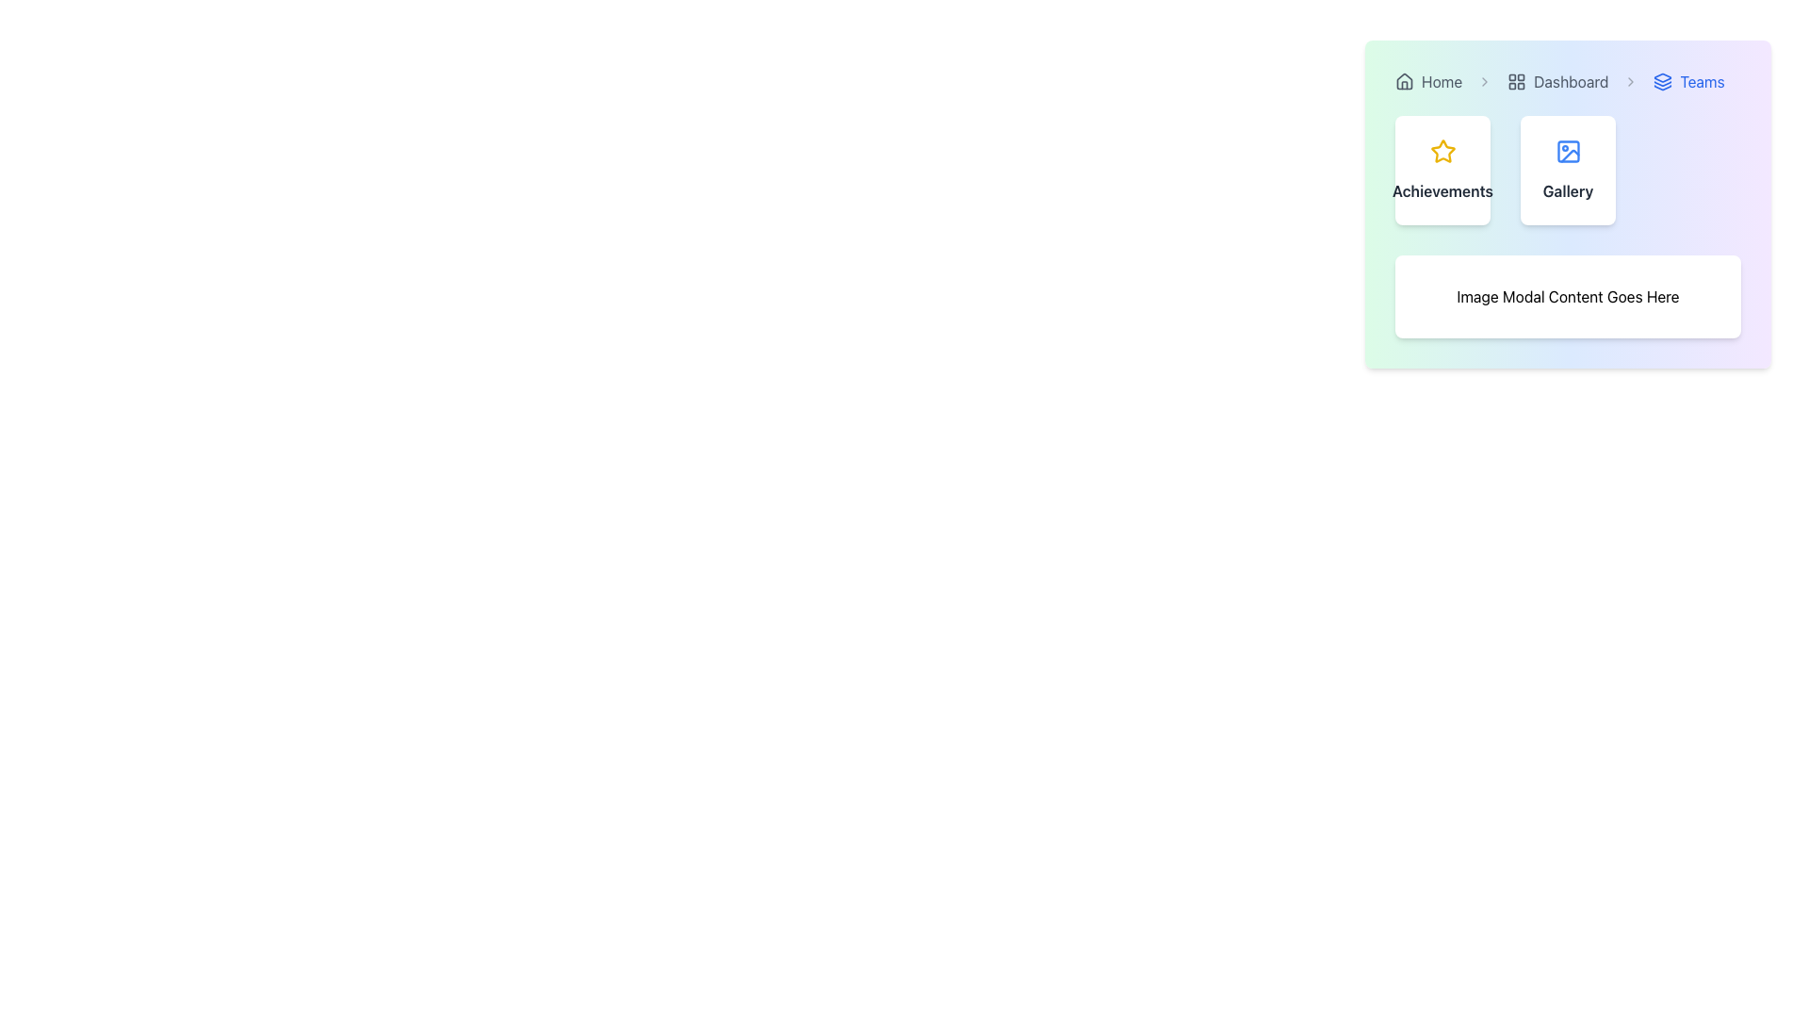  I want to click on the 'Teams' icon in the breadcrumb navigation bar, located at the top-right section of the interface, immediately to the left of the 'Teams' text, so click(1663, 81).